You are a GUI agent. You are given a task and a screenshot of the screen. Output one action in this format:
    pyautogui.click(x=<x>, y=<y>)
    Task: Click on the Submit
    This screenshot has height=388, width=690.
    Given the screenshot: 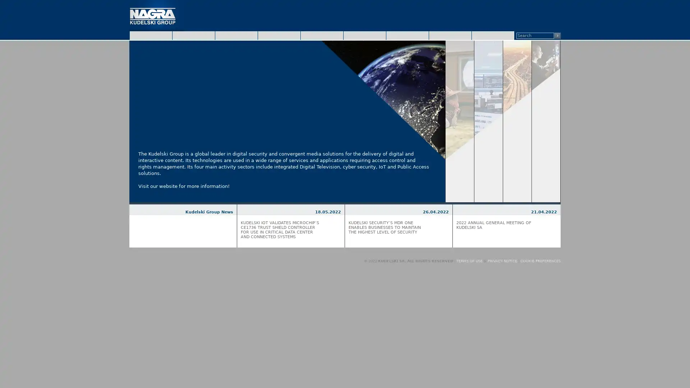 What is the action you would take?
    pyautogui.click(x=557, y=36)
    